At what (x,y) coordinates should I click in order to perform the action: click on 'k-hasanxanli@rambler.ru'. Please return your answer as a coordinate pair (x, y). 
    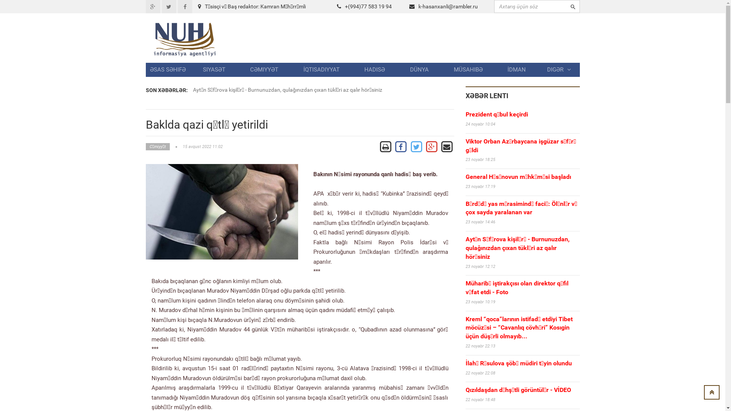
    Looking at the image, I should click on (448, 6).